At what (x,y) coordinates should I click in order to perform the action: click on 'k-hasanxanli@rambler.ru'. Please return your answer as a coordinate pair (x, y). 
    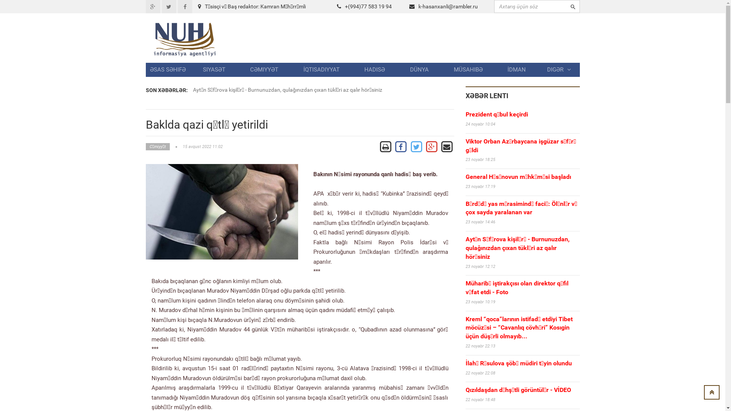
    Looking at the image, I should click on (448, 6).